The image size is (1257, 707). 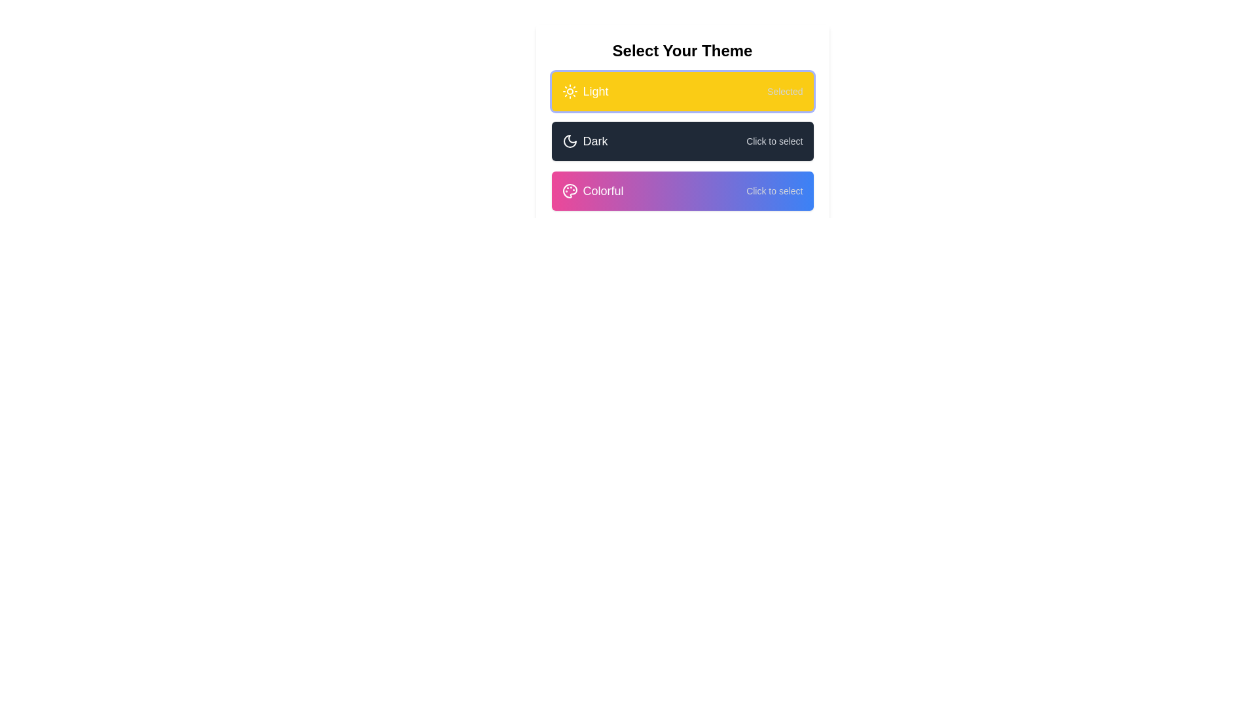 What do you see at coordinates (682, 141) in the screenshot?
I see `the theme Dark to view its hover effect` at bounding box center [682, 141].